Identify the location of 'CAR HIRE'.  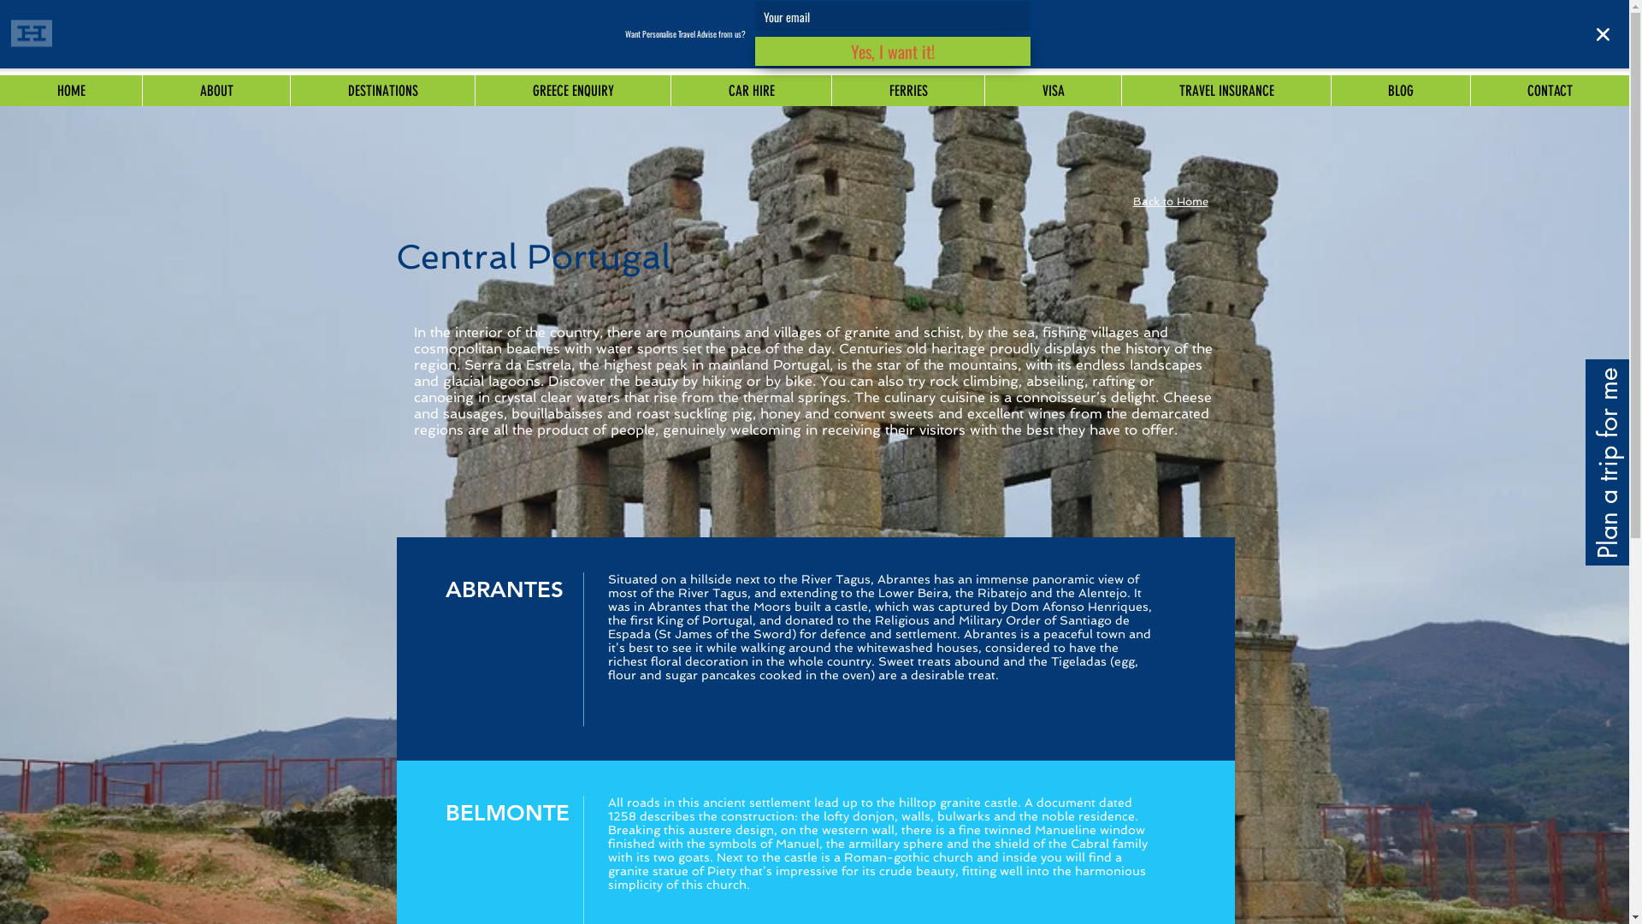
(751, 90).